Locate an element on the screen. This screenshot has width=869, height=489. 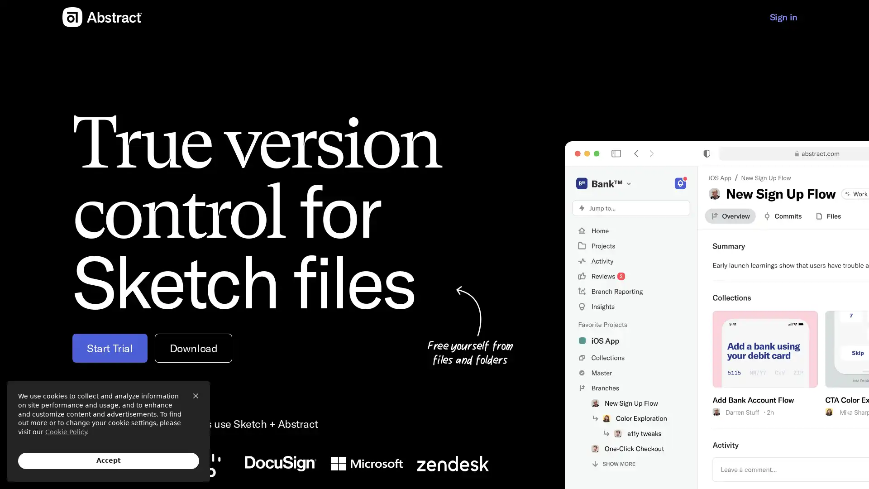
Accept is located at coordinates (109, 461).